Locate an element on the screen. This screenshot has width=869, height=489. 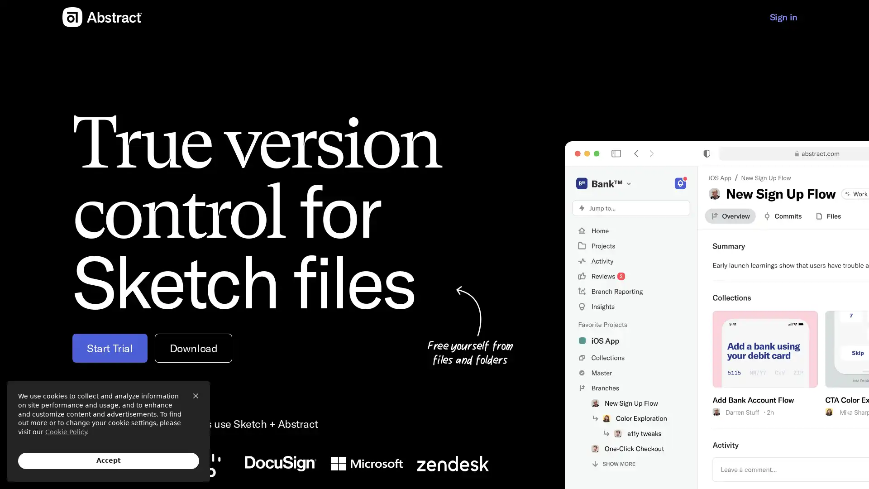
Accept is located at coordinates (109, 461).